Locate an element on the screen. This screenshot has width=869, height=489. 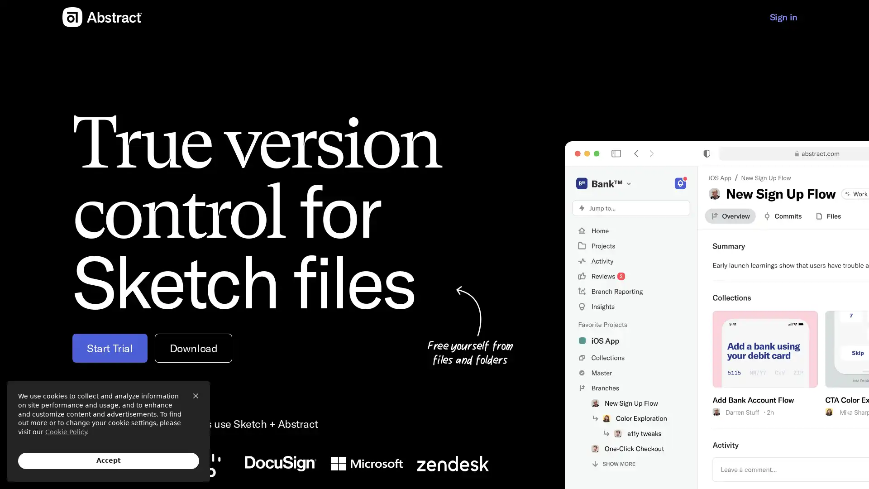
Accept is located at coordinates (109, 461).